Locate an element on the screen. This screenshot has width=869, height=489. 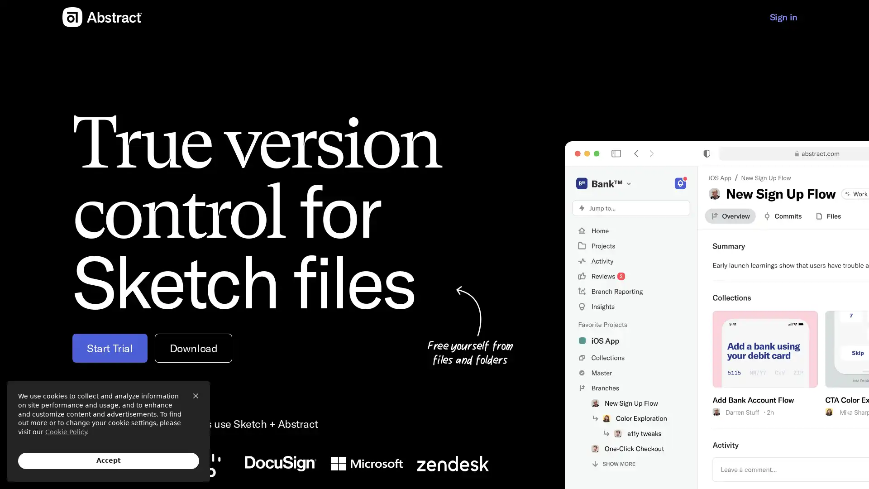
Accept is located at coordinates (109, 461).